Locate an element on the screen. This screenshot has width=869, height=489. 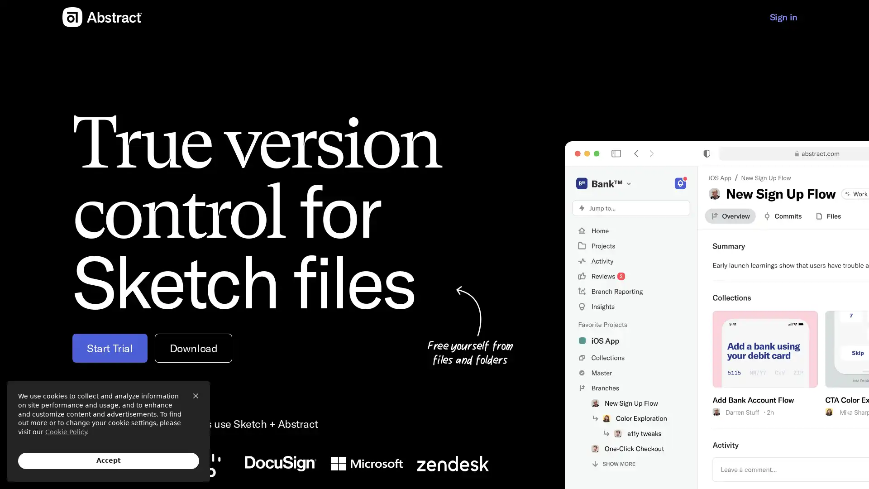
Accept is located at coordinates (109, 461).